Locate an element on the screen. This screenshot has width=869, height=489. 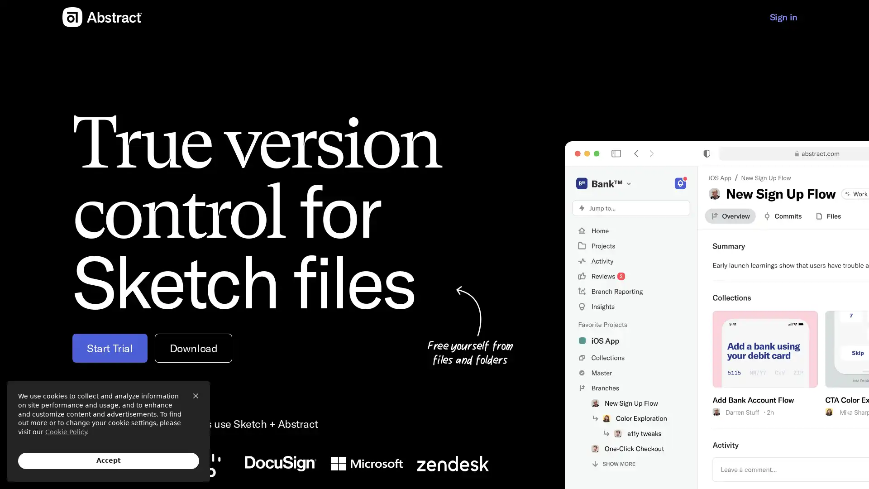
Accept is located at coordinates (109, 461).